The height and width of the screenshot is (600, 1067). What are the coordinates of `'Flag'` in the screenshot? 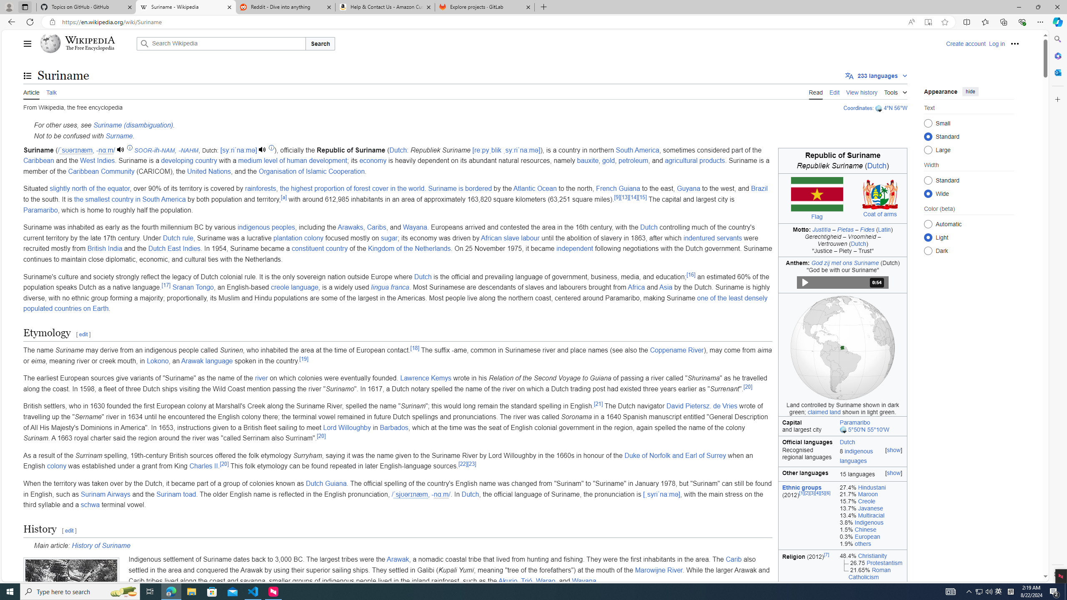 It's located at (816, 217).